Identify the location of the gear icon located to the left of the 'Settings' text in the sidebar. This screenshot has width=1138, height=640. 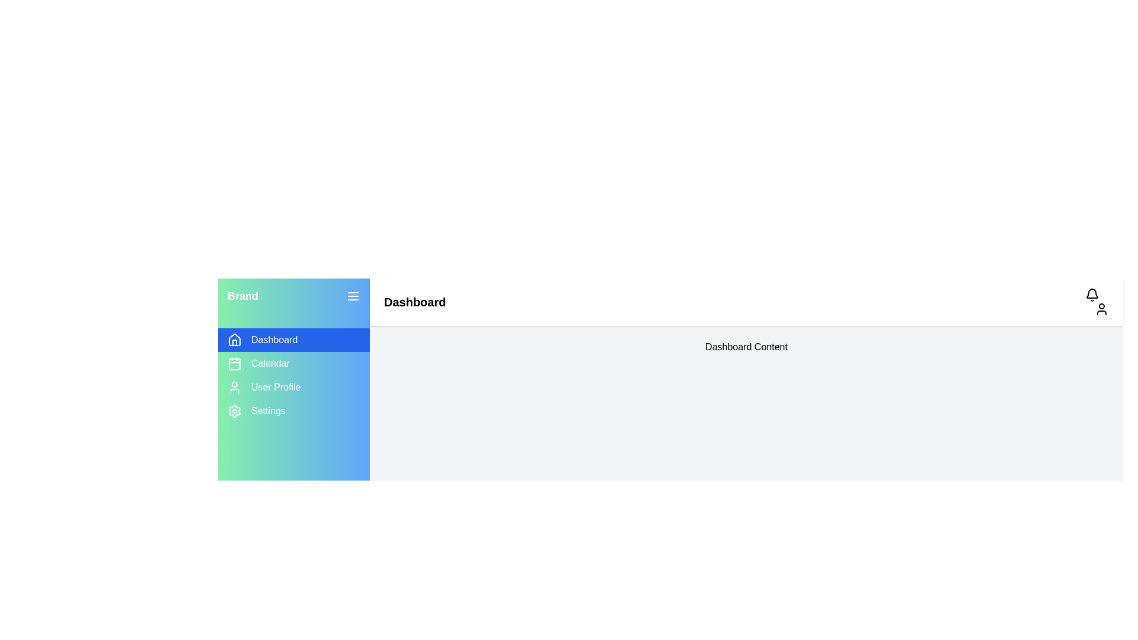
(234, 411).